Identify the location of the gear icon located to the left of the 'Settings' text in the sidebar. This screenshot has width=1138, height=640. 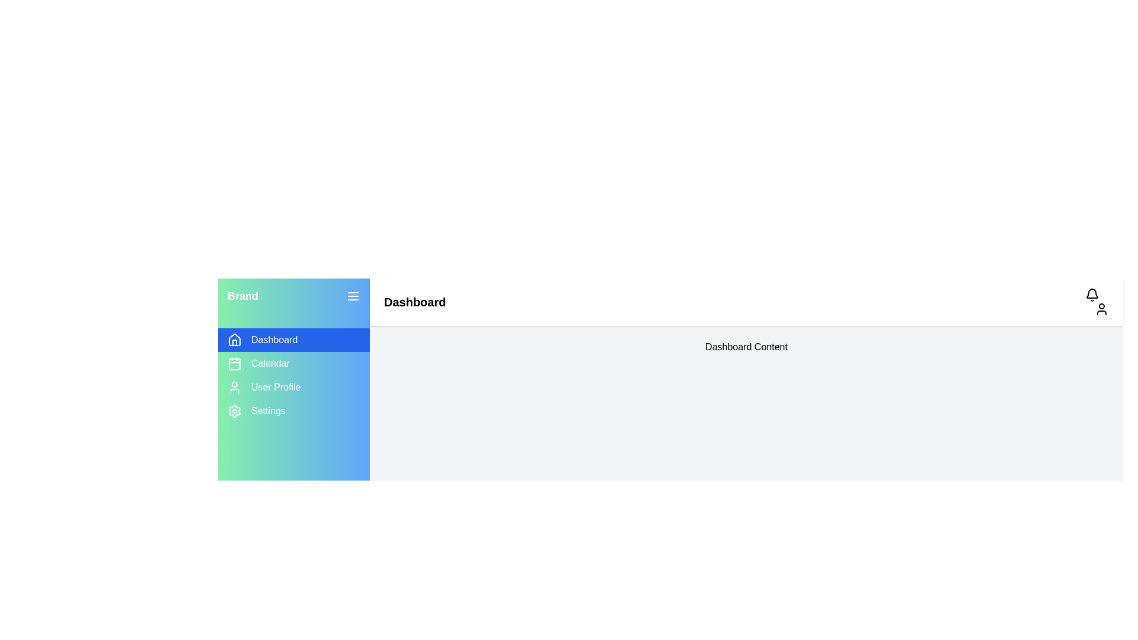
(234, 411).